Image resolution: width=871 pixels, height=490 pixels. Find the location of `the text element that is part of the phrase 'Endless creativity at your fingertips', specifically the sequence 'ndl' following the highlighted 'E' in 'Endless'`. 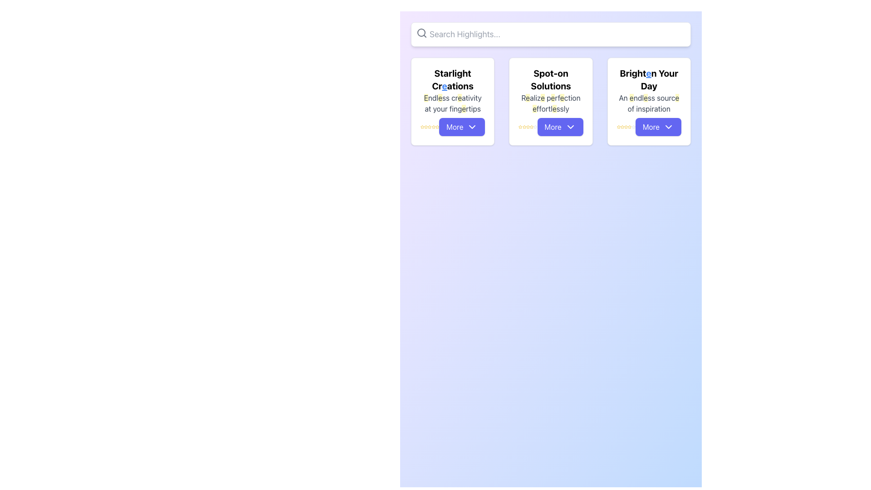

the text element that is part of the phrase 'Endless creativity at your fingertips', specifically the sequence 'ndl' following the highlighted 'E' in 'Endless' is located at coordinates (433, 98).